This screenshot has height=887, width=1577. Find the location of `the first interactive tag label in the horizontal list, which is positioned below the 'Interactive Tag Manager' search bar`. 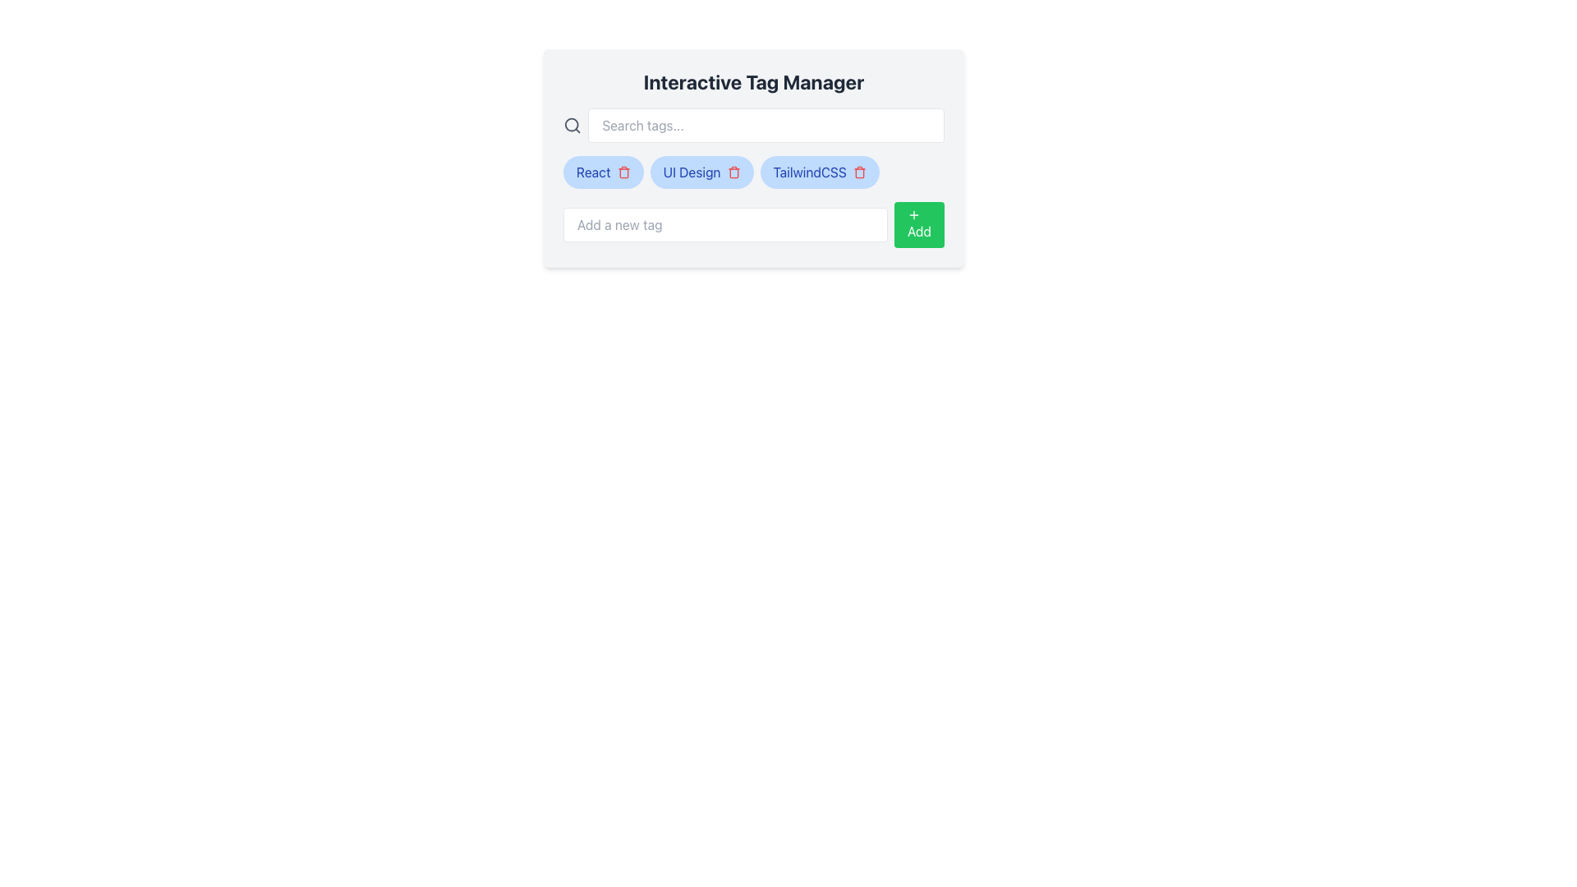

the first interactive tag label in the horizontal list, which is positioned below the 'Interactive Tag Manager' search bar is located at coordinates (602, 172).